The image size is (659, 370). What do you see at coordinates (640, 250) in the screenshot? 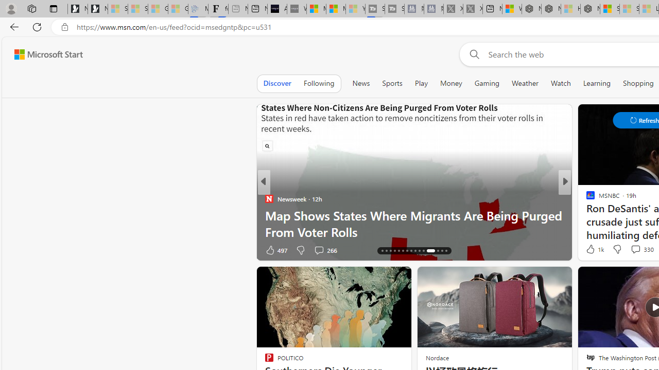
I see `'View comments 96 Comment'` at bounding box center [640, 250].